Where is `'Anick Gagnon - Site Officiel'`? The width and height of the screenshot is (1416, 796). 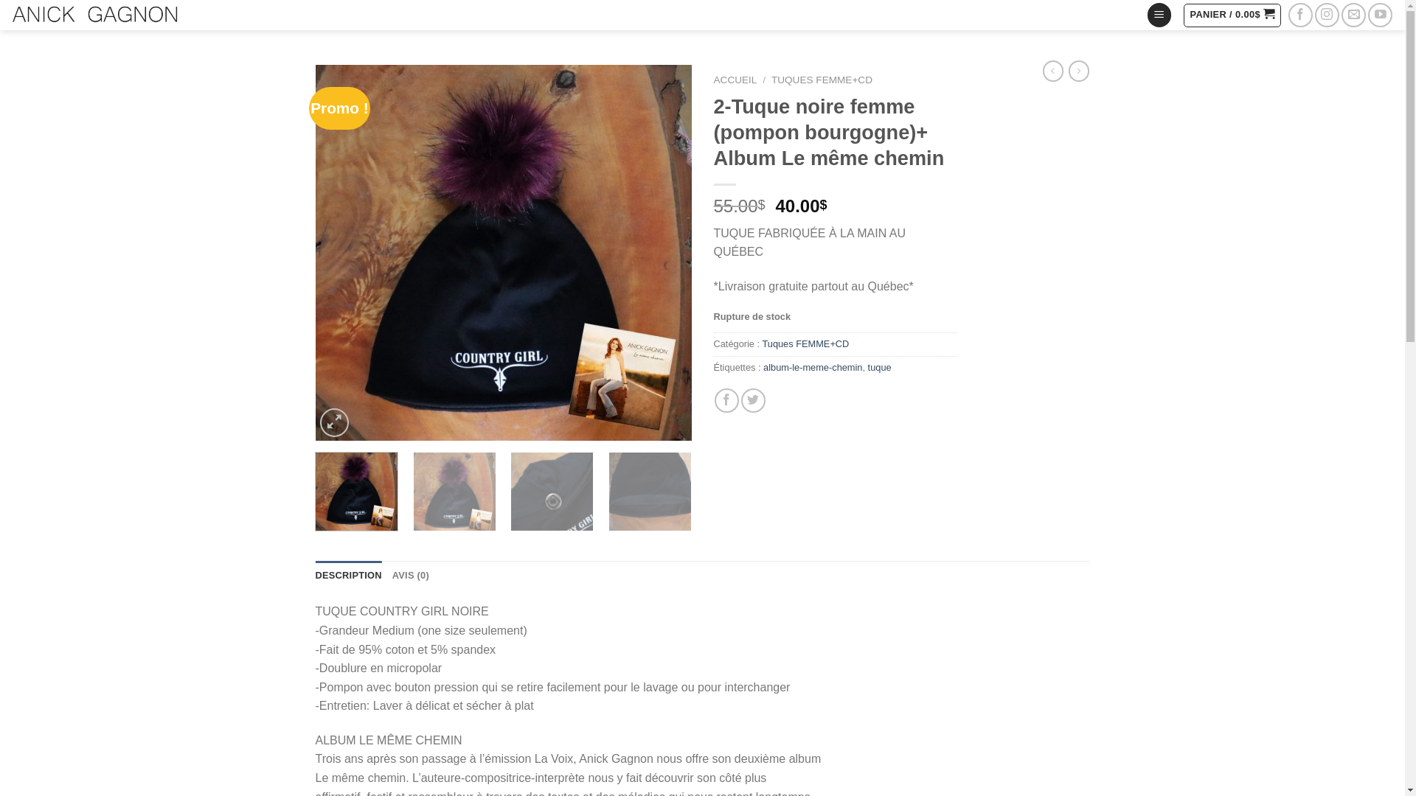
'Anick Gagnon - Site Officiel' is located at coordinates (94, 14).